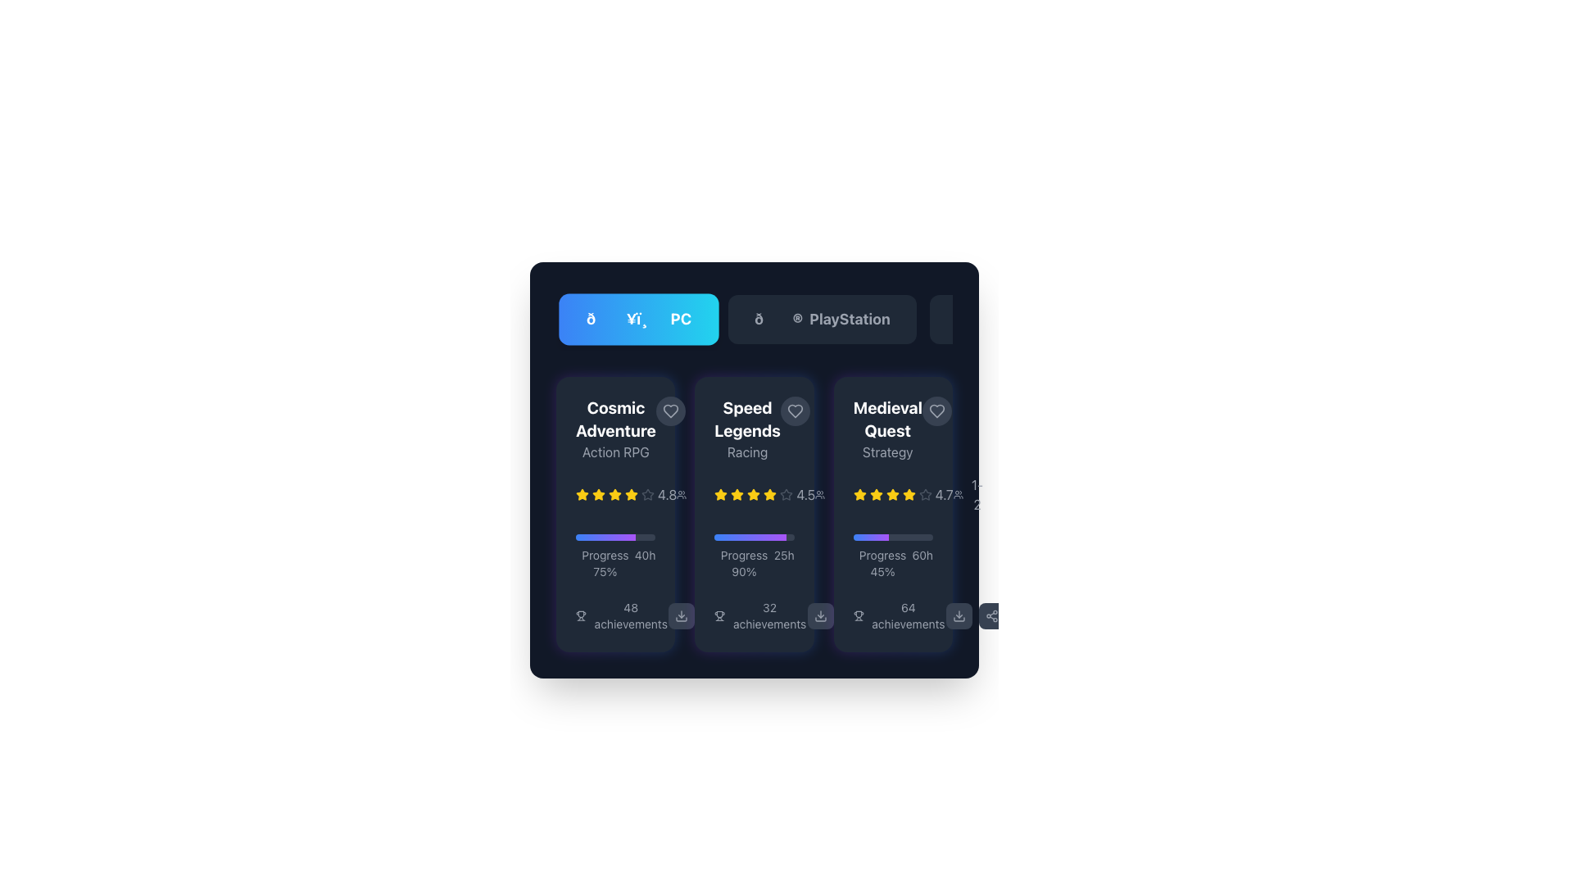 The width and height of the screenshot is (1573, 885). I want to click on the yellow star icon representing a rating unit, which is the third in a row of five icons aligned below the title 'Cosmic Adventure', so click(597, 494).